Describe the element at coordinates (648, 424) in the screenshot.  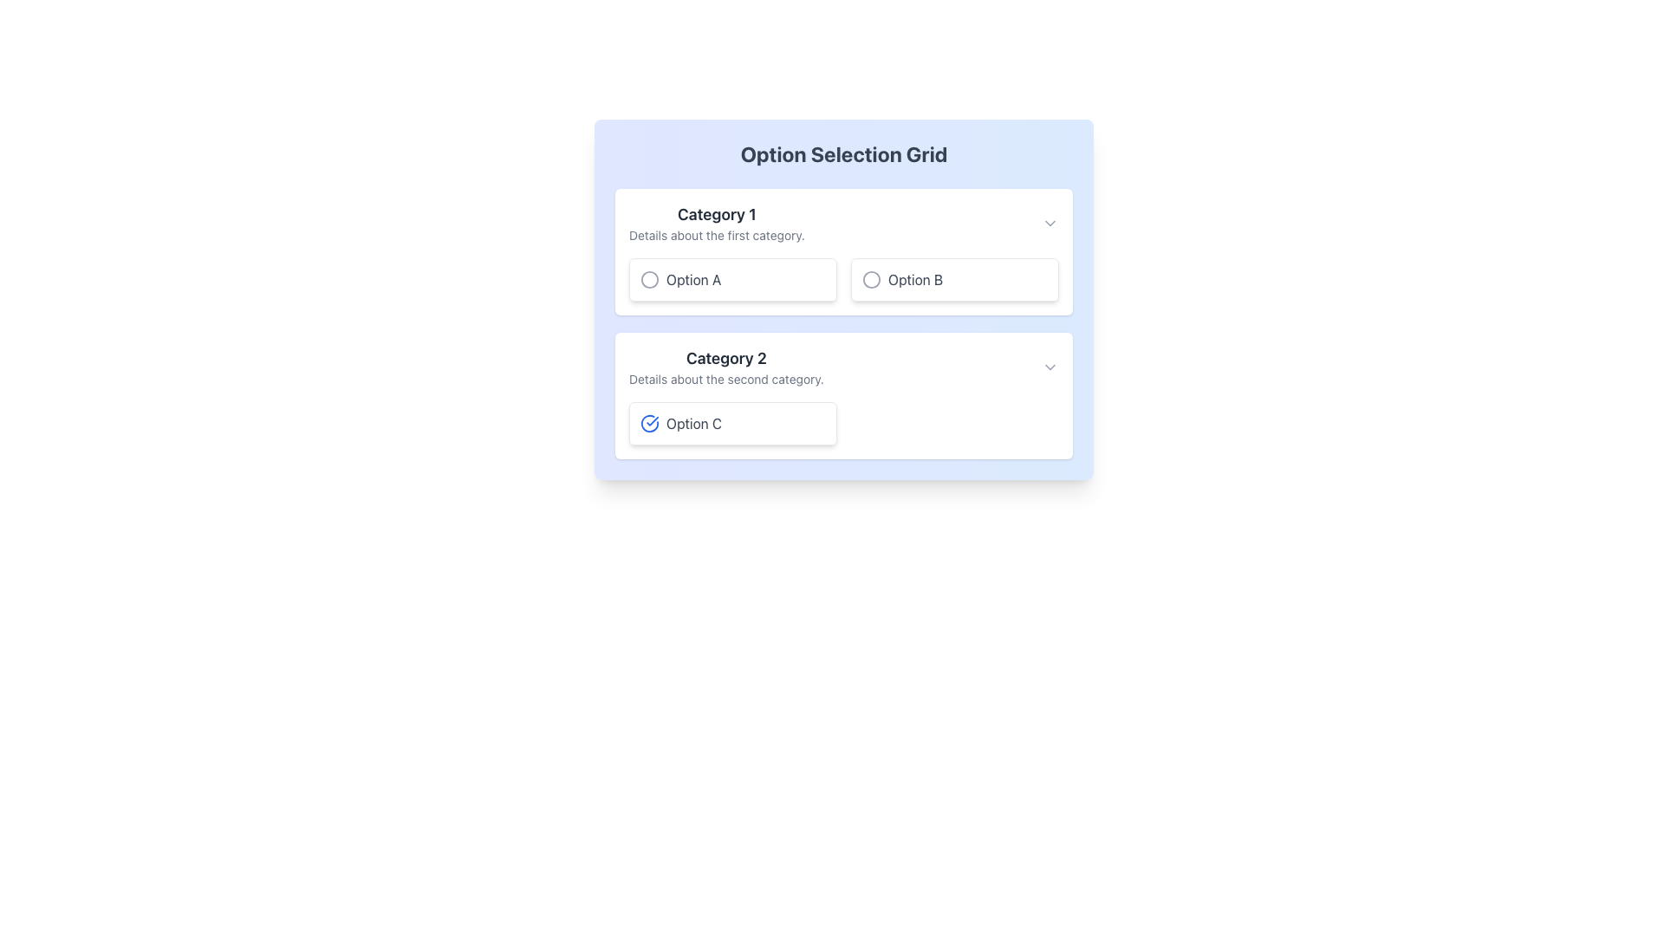
I see `the blue circular icon with a checkmark inside the 'Option C' block of the Category 2 section` at that location.